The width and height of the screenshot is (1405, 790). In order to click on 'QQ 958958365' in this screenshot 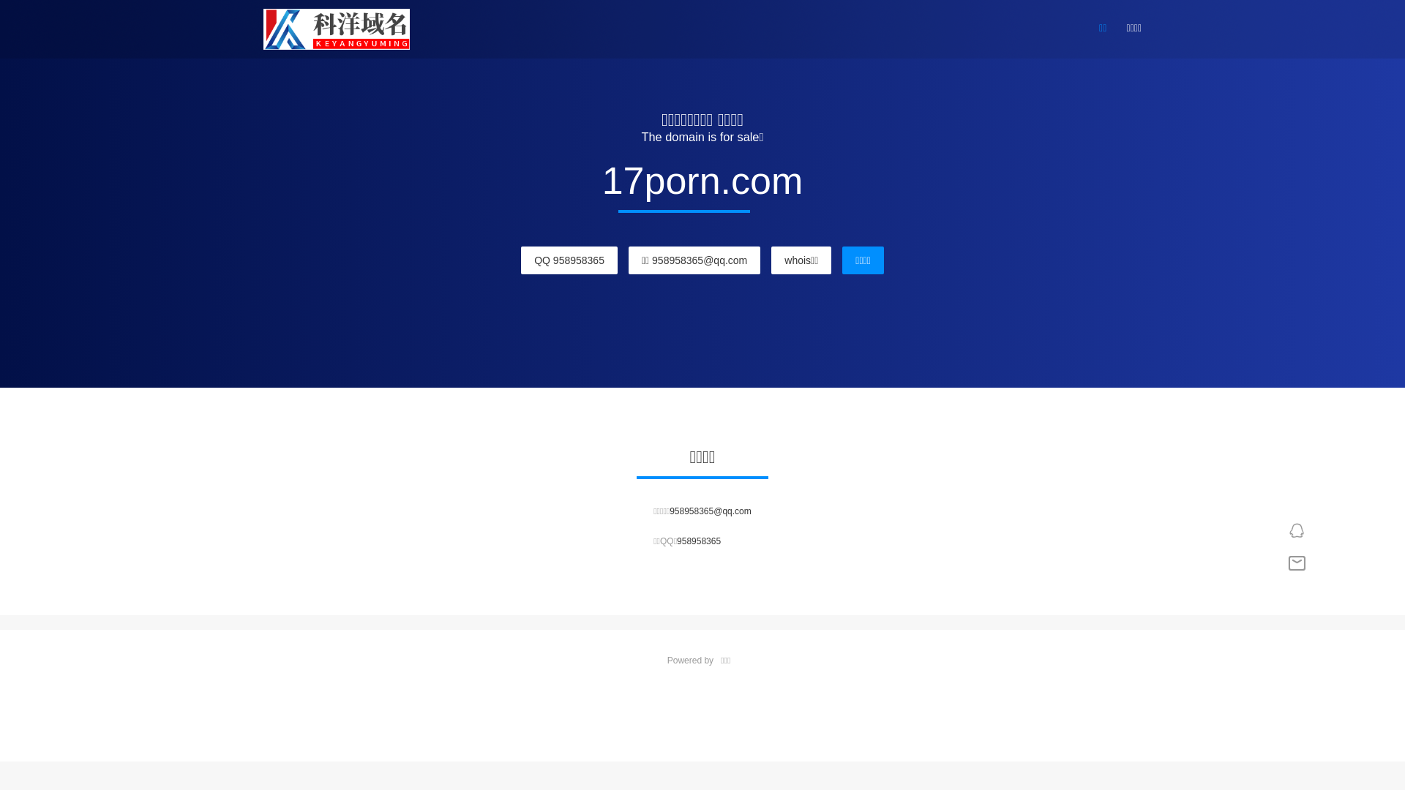, I will do `click(568, 259)`.